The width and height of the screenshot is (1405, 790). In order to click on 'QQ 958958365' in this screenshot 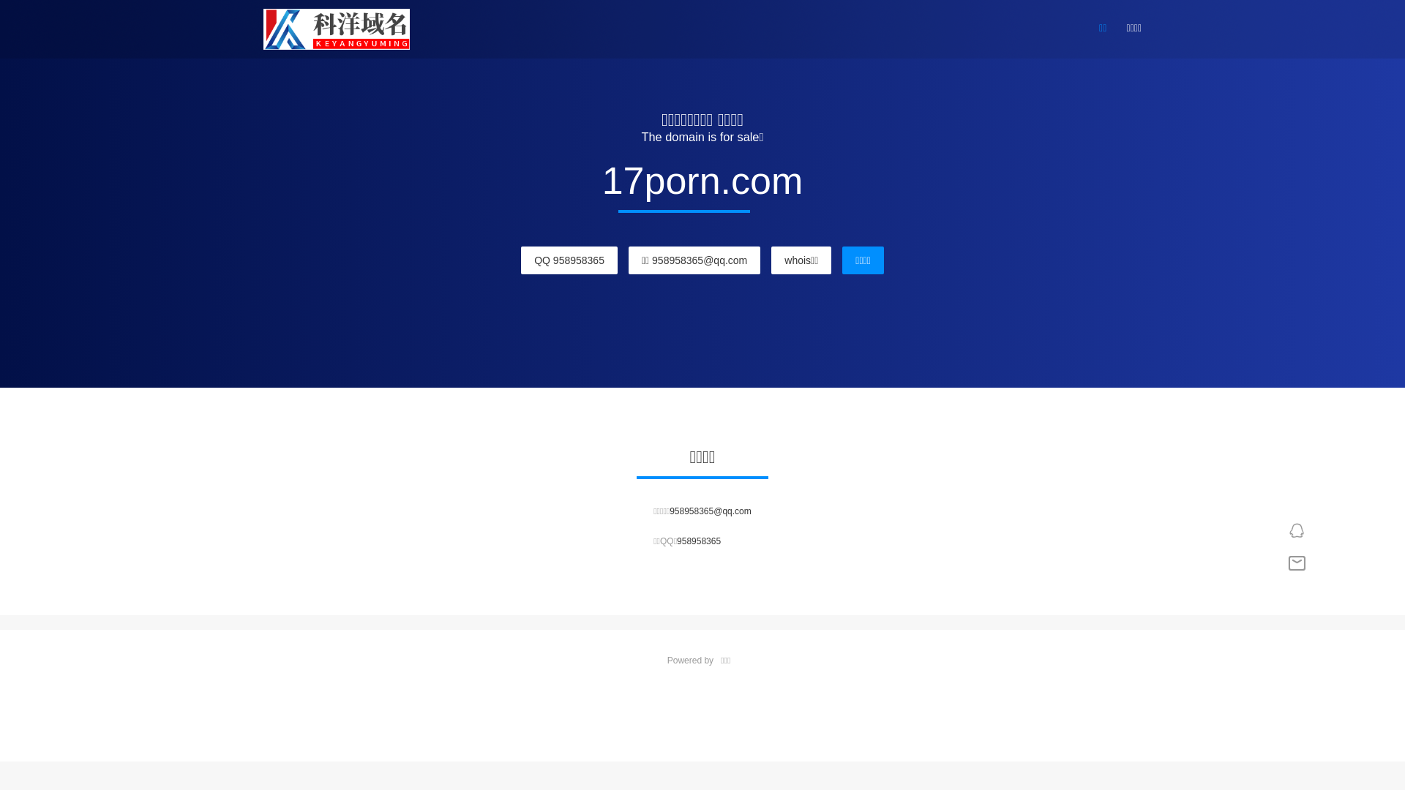, I will do `click(568, 259)`.